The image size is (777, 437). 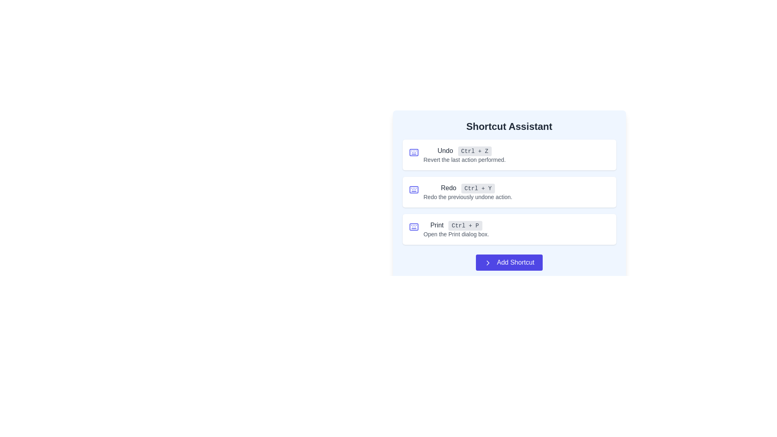 I want to click on the label that indicates the keyboard shortcut 'Ctrl + P' for the 'Print' action, positioned as the last option in a vertical list below 'Redo Ctrl + Y', so click(x=456, y=229).